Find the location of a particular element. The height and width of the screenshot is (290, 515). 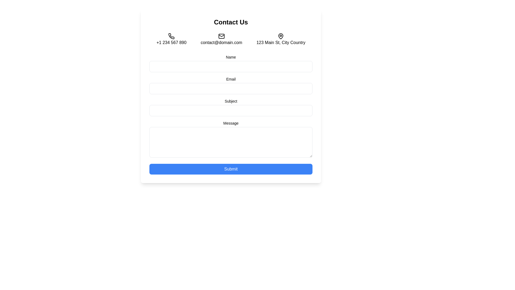

the 'Contact Us' text header, which is displayed in large, bold letters at the top-center of the interface is located at coordinates (231, 22).